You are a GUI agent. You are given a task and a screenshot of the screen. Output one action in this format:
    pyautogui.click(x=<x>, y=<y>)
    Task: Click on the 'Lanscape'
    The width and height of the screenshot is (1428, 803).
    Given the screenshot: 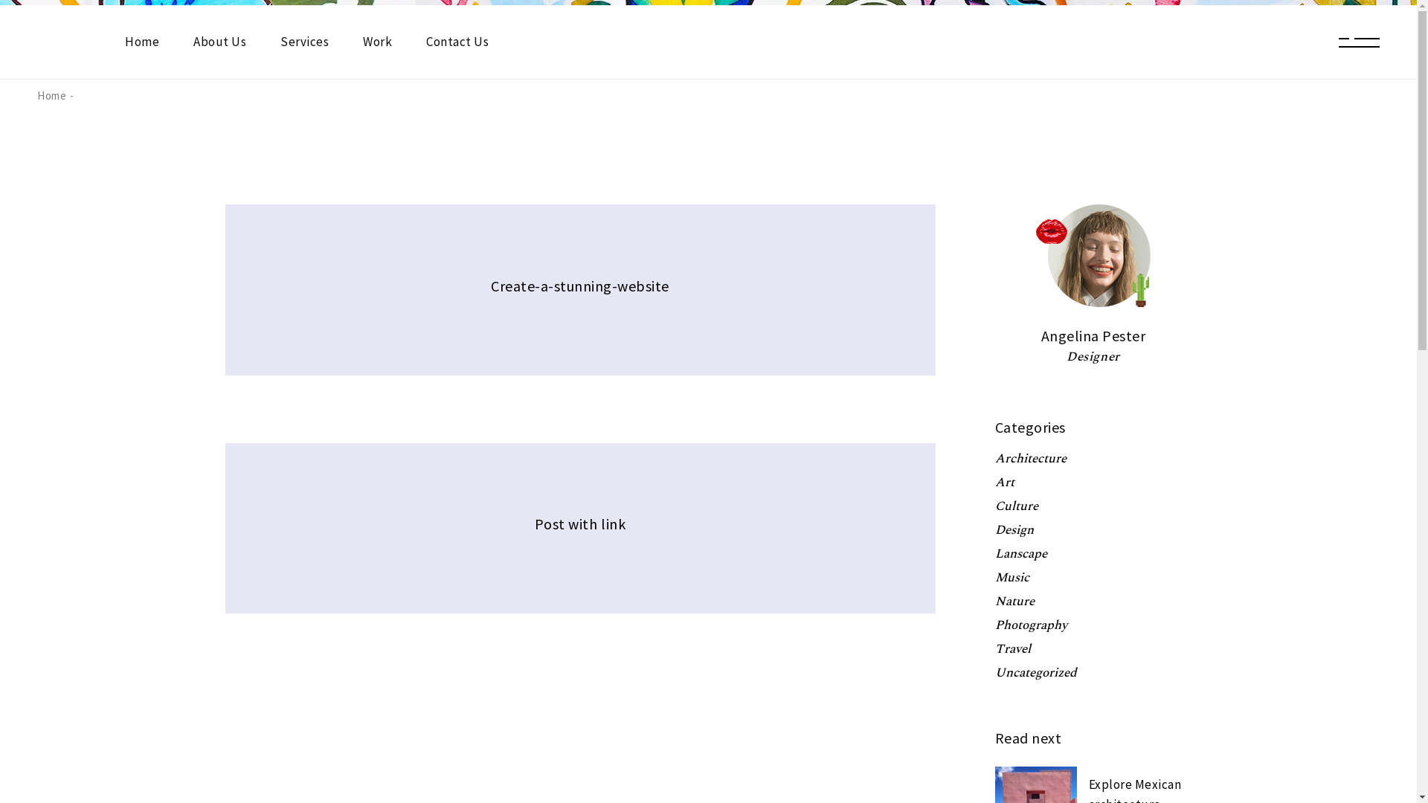 What is the action you would take?
    pyautogui.click(x=1020, y=553)
    